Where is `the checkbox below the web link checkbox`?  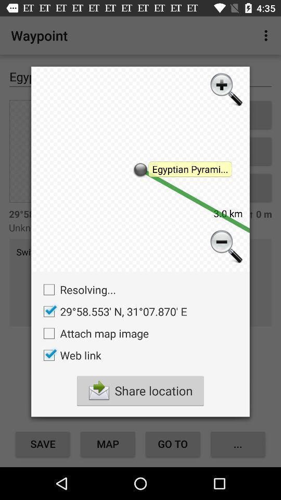 the checkbox below the web link checkbox is located at coordinates (140, 390).